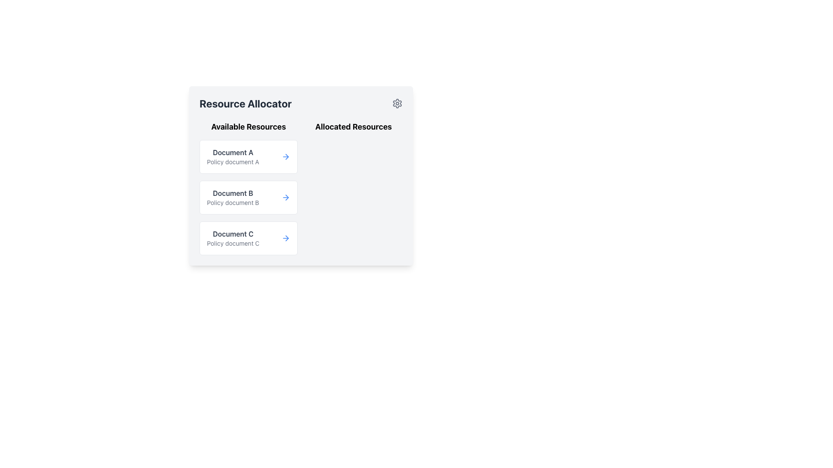 This screenshot has width=833, height=468. What do you see at coordinates (248, 197) in the screenshot?
I see `the 'Document B' resource entry in the 'Available Resources' section for additional info` at bounding box center [248, 197].